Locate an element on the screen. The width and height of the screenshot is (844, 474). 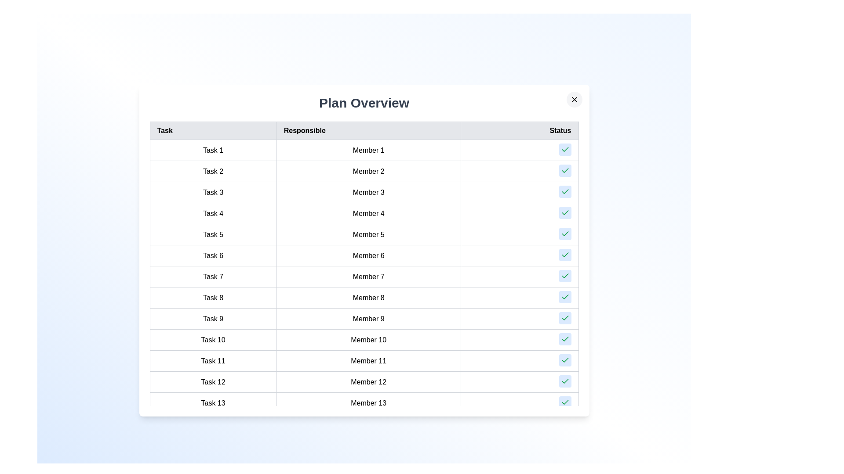
the 'Check' button for task 5 to mark it as completed is located at coordinates (565, 233).